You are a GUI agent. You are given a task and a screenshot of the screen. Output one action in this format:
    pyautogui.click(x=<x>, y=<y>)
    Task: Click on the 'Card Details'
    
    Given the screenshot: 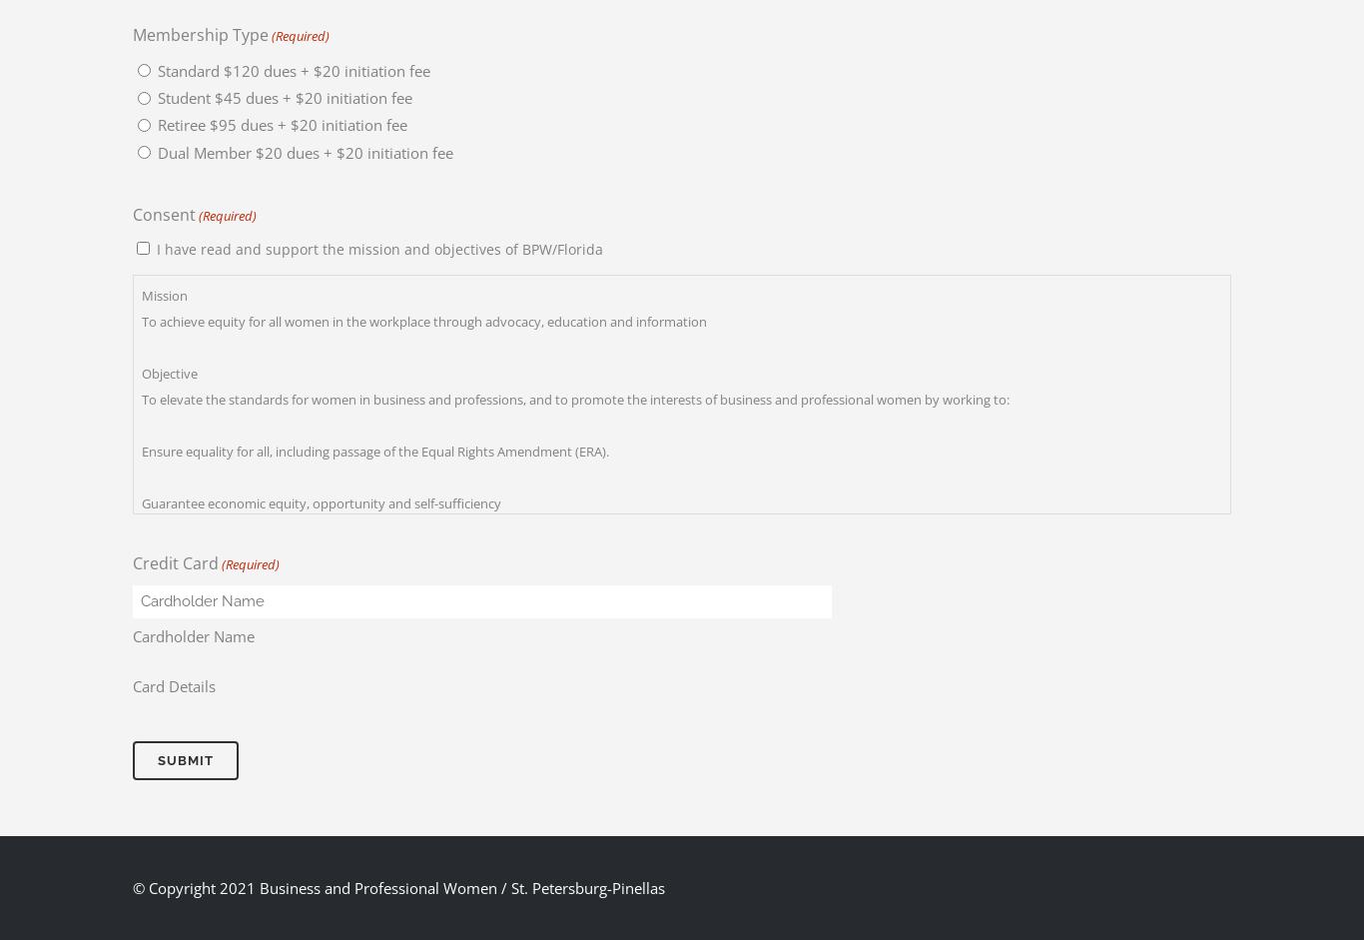 What is the action you would take?
    pyautogui.click(x=132, y=686)
    